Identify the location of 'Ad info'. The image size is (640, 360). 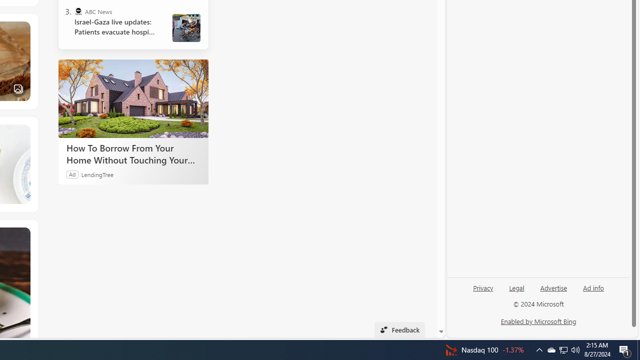
(593, 291).